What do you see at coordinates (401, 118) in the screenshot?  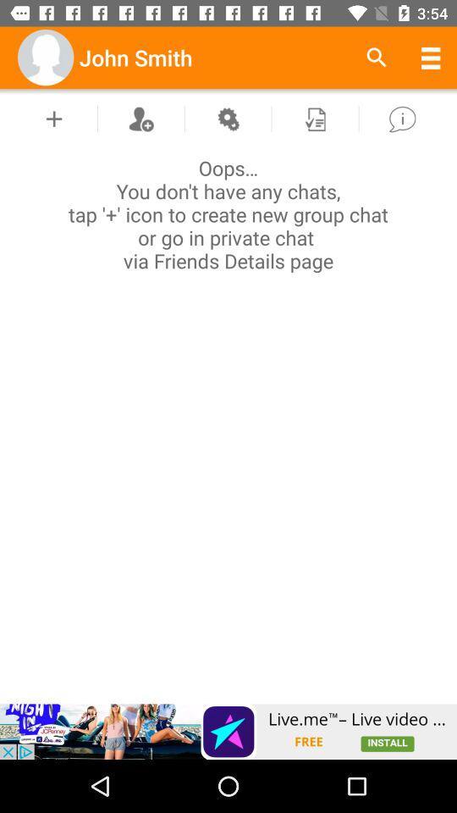 I see `get more information` at bounding box center [401, 118].